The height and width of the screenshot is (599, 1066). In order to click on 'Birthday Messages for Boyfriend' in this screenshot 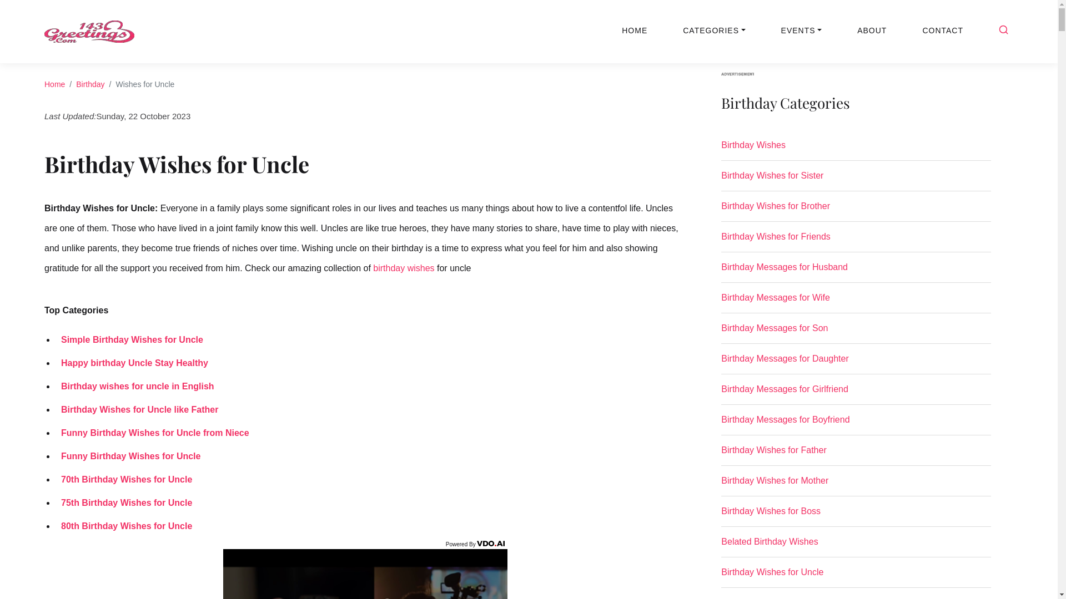, I will do `click(855, 424)`.